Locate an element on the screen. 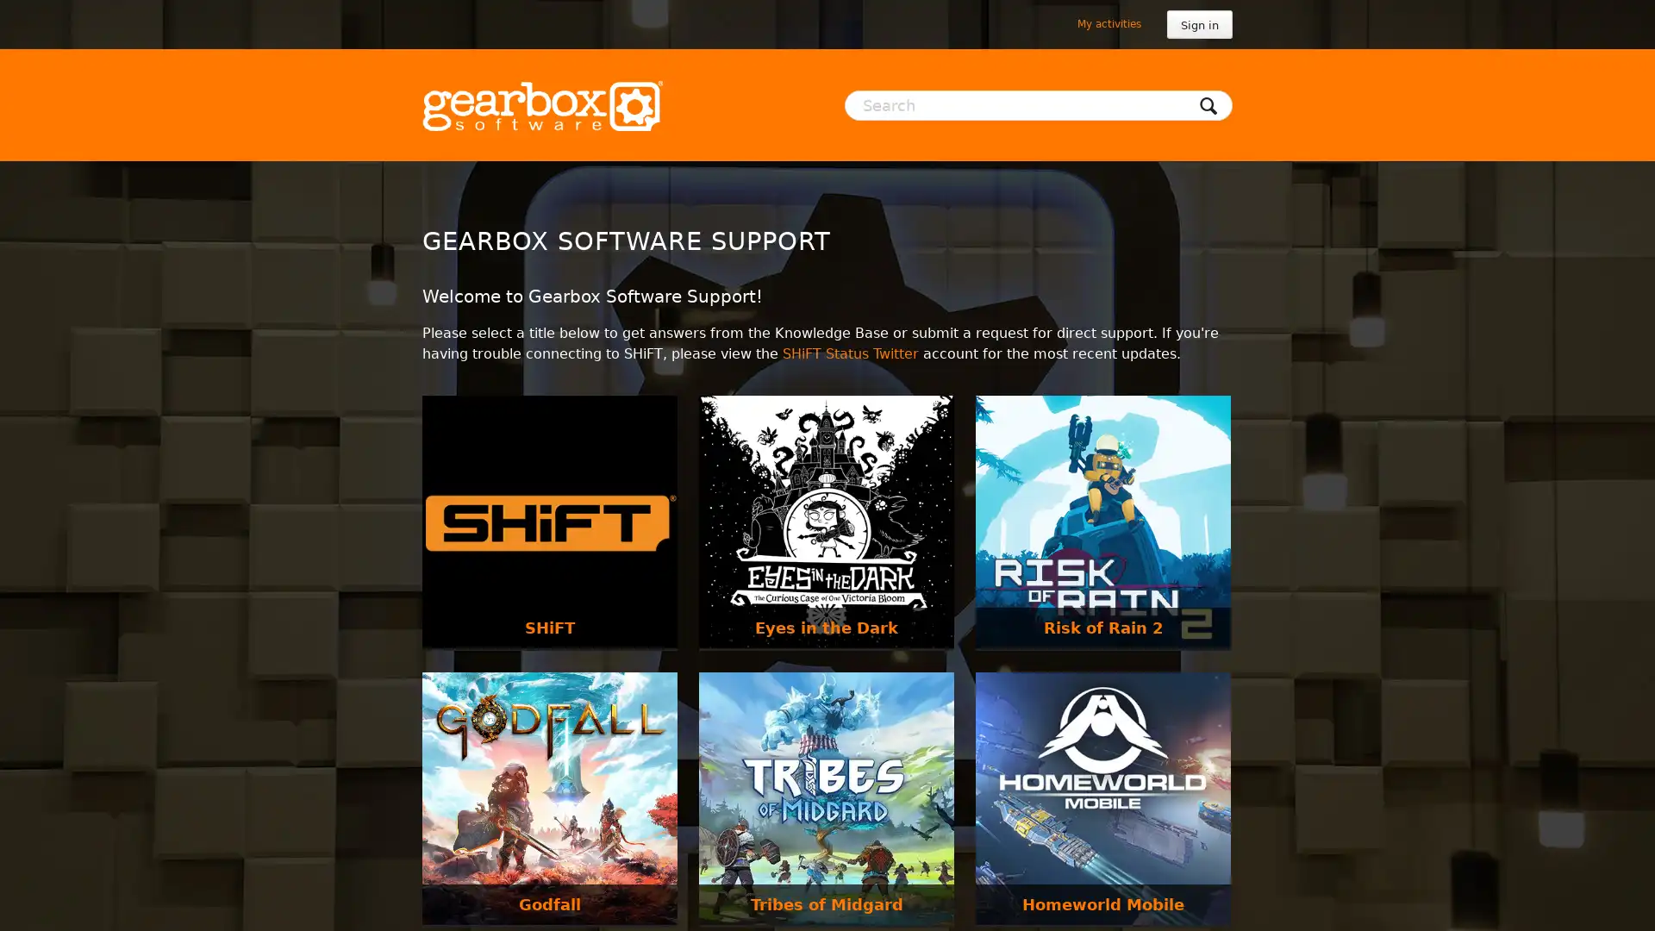 The width and height of the screenshot is (1655, 931). Sign in is located at coordinates (1199, 24).